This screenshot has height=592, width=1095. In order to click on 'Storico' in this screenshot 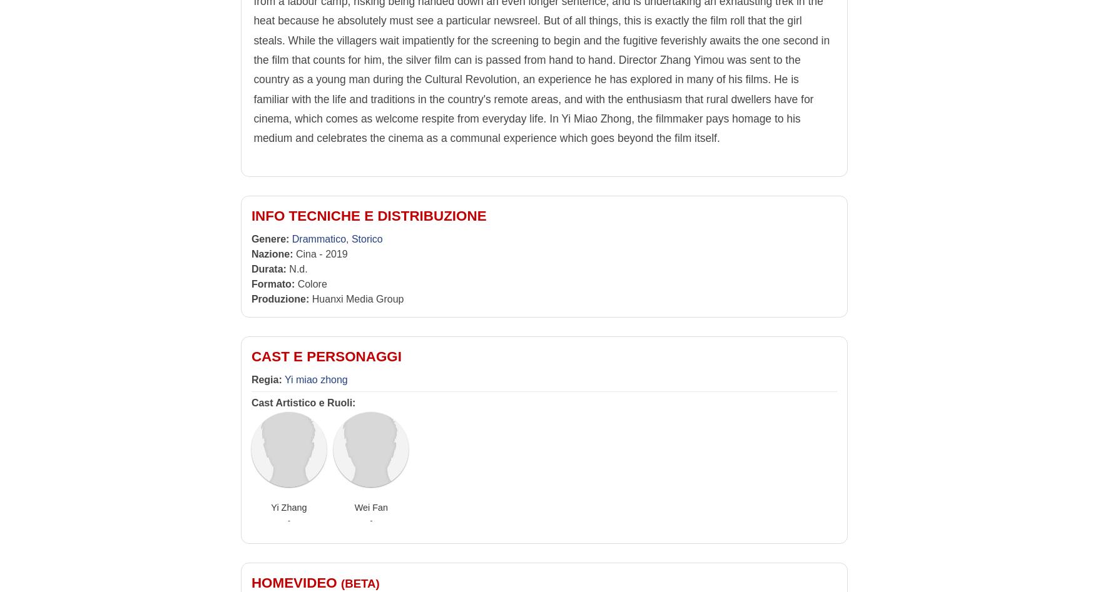, I will do `click(367, 239)`.